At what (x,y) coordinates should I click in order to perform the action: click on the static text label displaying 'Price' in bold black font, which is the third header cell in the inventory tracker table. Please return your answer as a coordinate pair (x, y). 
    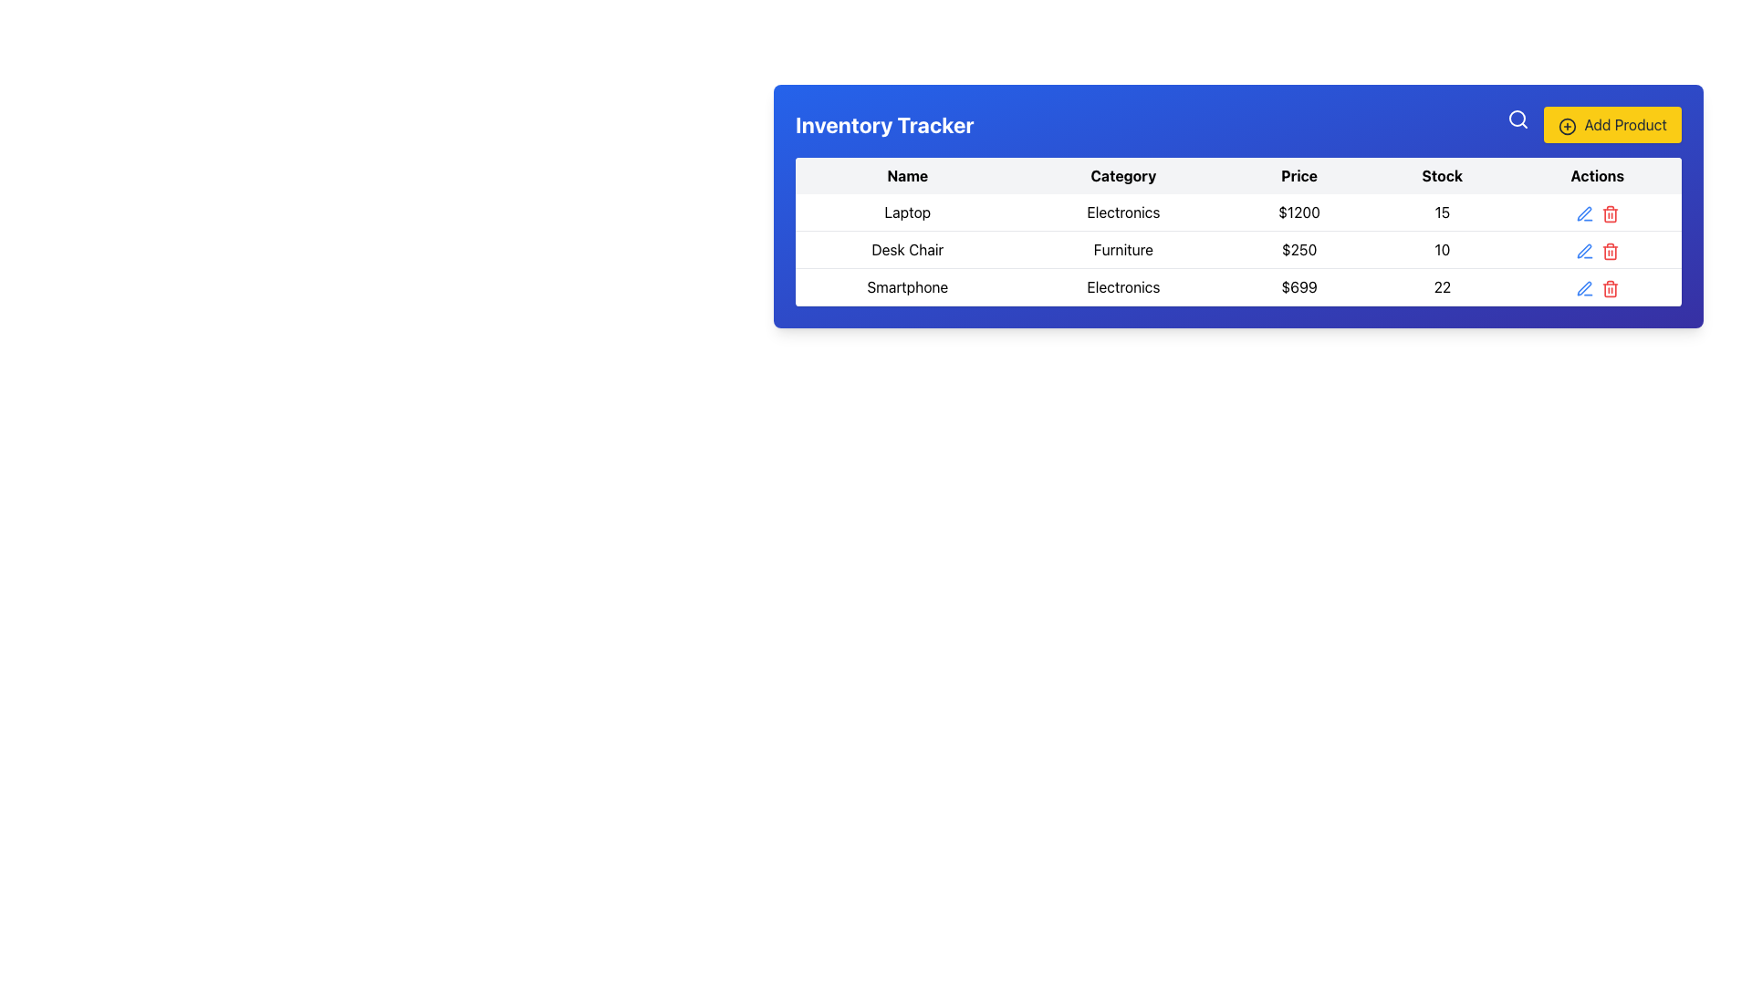
    Looking at the image, I should click on (1298, 175).